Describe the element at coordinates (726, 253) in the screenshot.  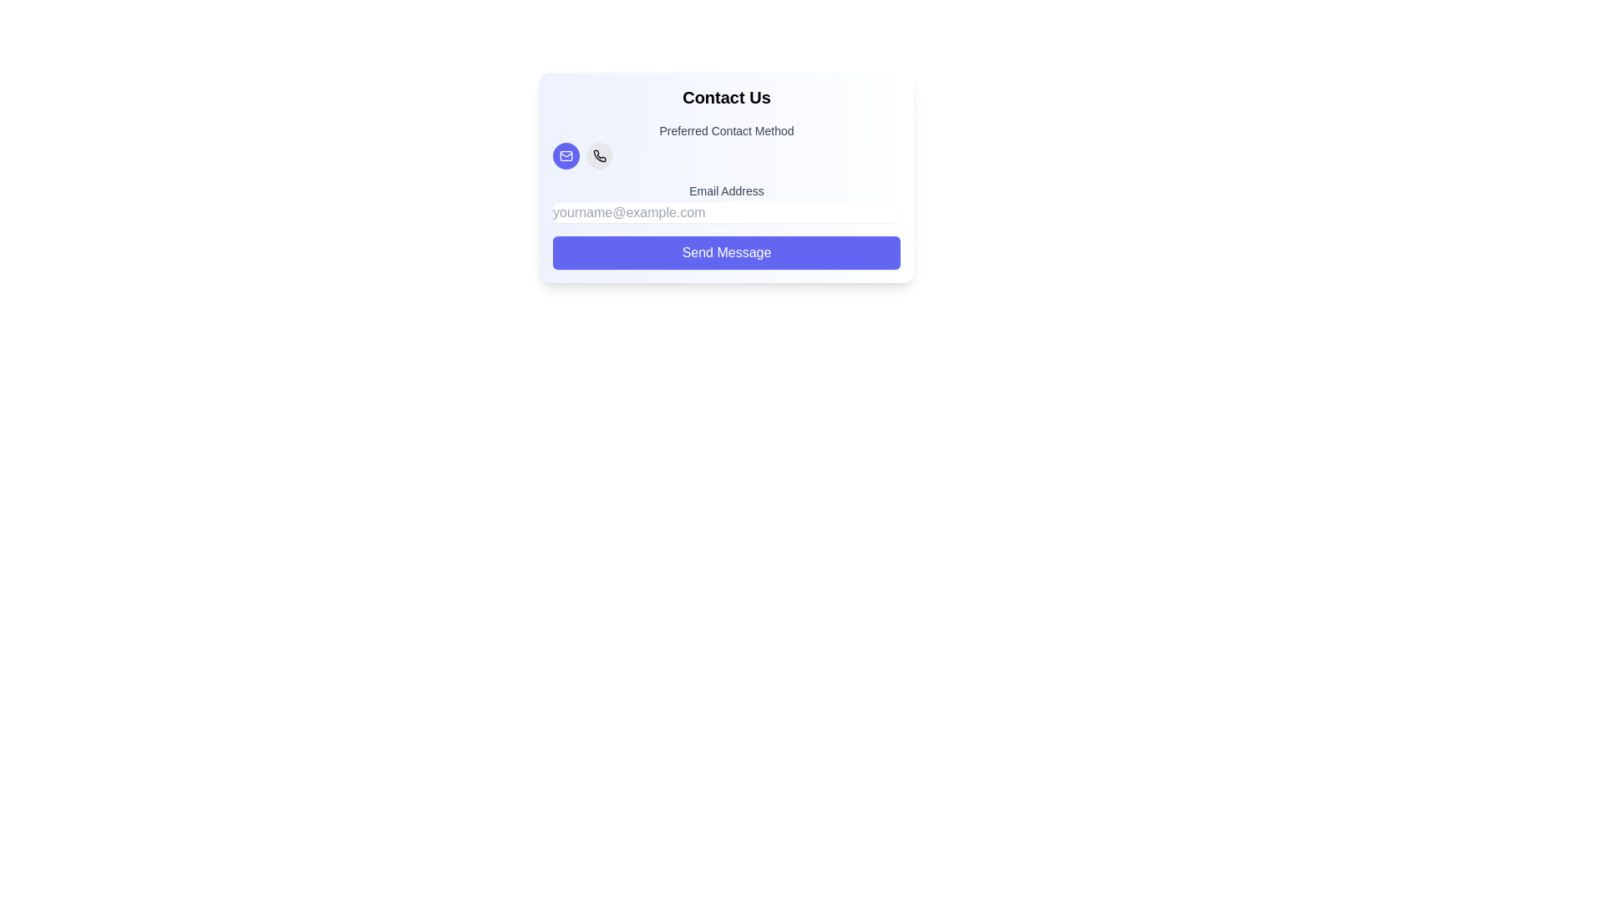
I see `the 'Send Message' button, which is an indigo rectangular button with rounded edges located at the bottom of the 'Contact Us' section` at that location.